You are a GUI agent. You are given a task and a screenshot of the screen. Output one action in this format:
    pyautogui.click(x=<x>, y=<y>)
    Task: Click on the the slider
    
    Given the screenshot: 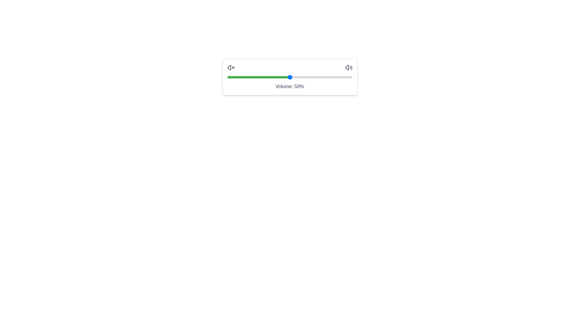 What is the action you would take?
    pyautogui.click(x=289, y=77)
    